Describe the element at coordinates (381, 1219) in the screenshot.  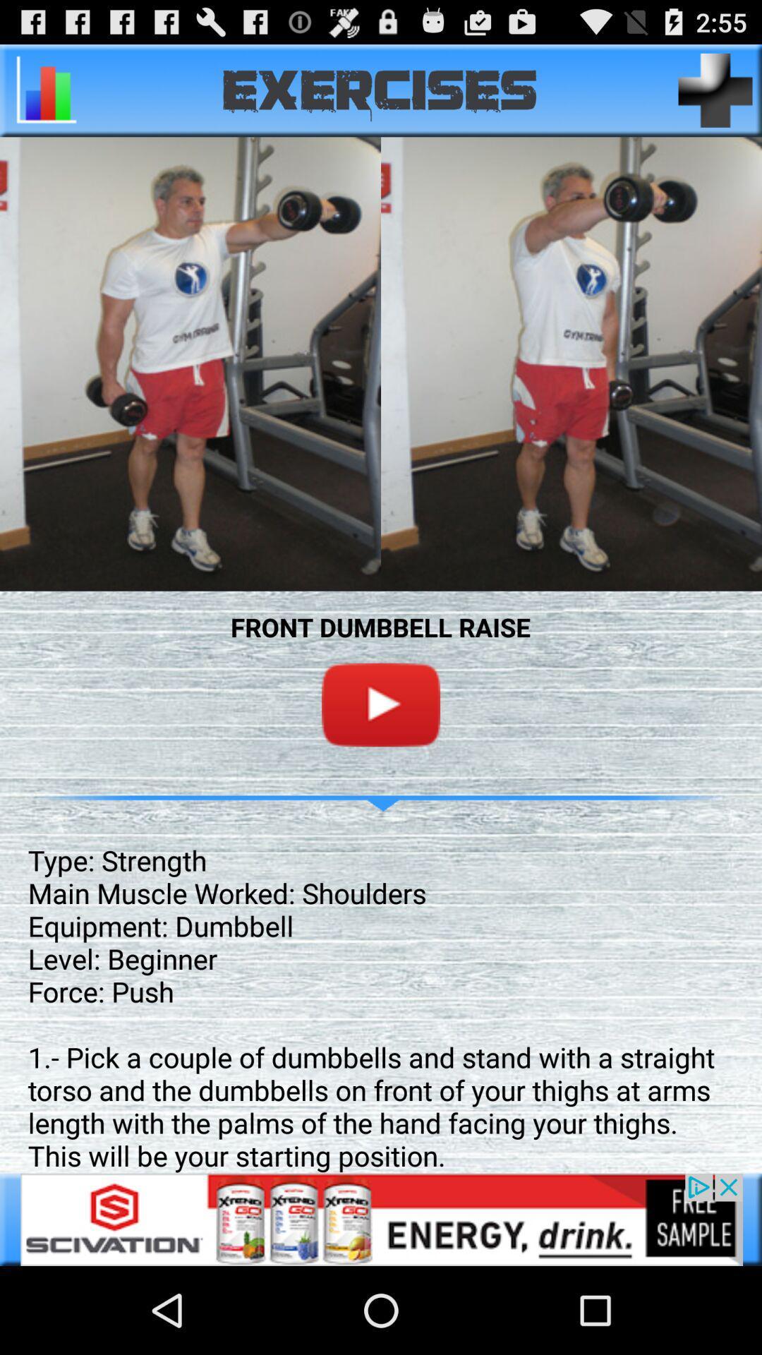
I see `watch advertisement` at that location.